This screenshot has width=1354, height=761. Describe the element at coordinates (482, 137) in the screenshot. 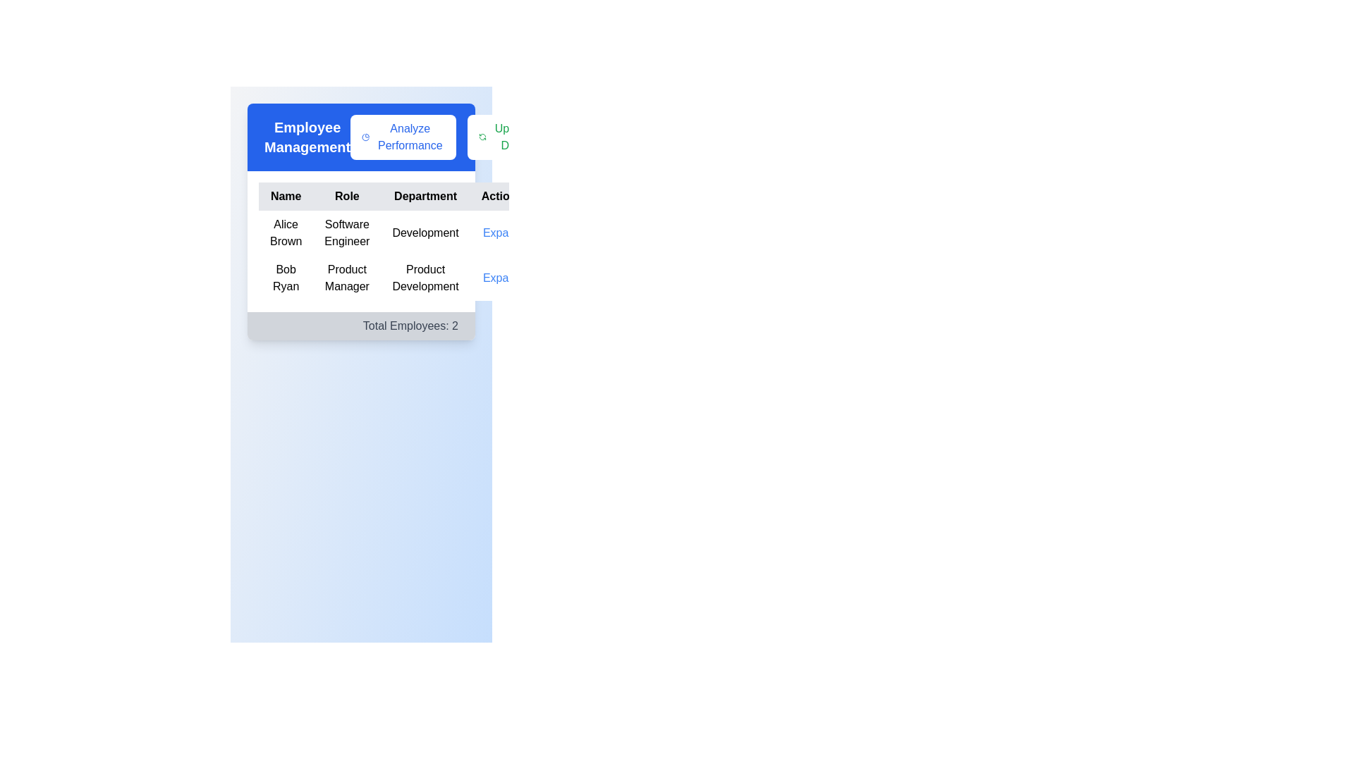

I see `the circular refresh icon with a green stroke outline located to the left of the 'Update Data' button` at that location.